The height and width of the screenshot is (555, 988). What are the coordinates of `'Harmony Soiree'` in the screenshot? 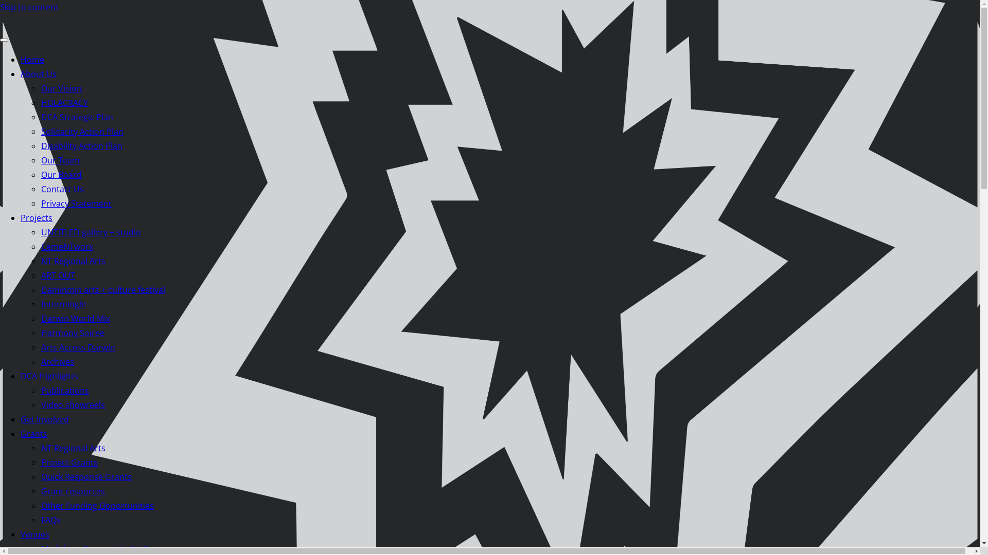 It's located at (72, 333).